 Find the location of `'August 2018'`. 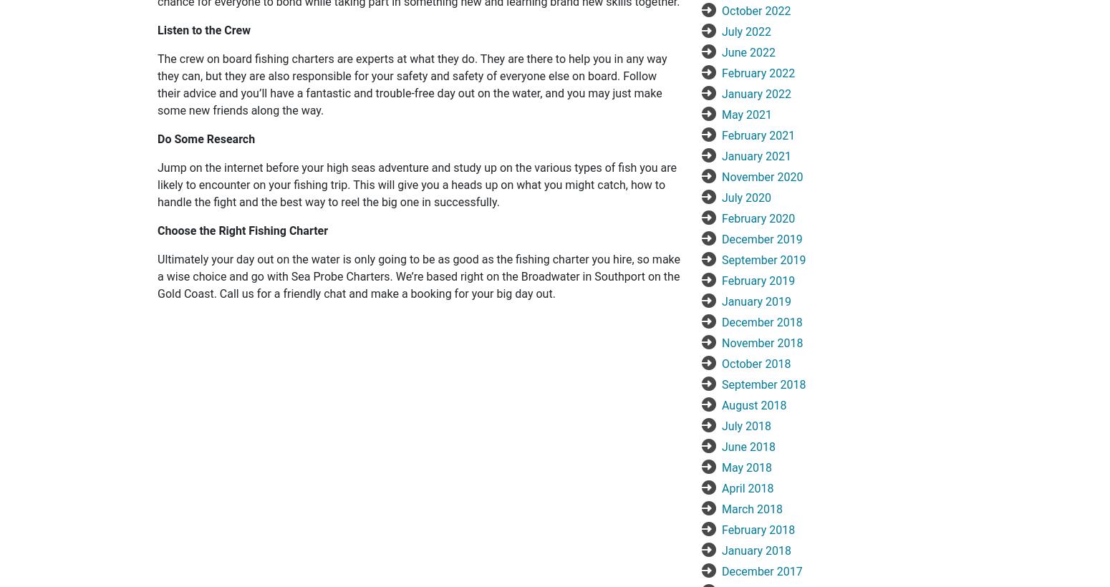

'August 2018' is located at coordinates (754, 404).